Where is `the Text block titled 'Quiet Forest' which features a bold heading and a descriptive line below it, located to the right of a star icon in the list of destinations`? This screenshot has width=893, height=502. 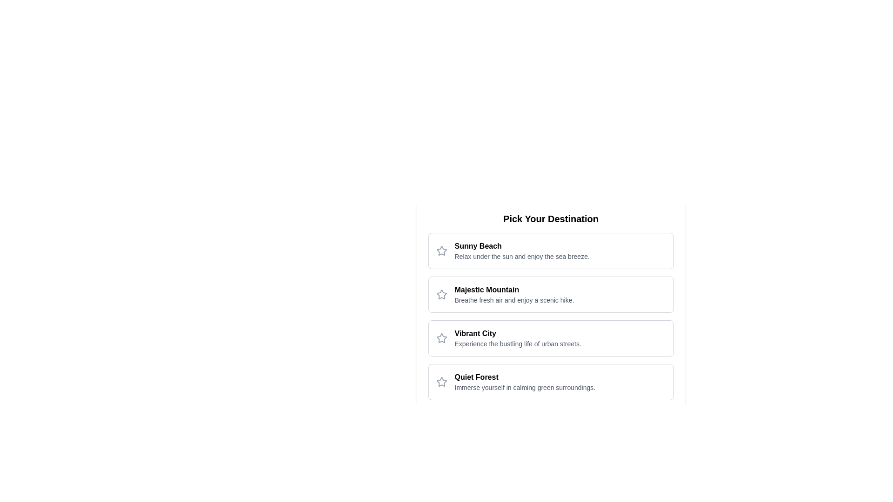
the Text block titled 'Quiet Forest' which features a bold heading and a descriptive line below it, located to the right of a star icon in the list of destinations is located at coordinates (525, 382).